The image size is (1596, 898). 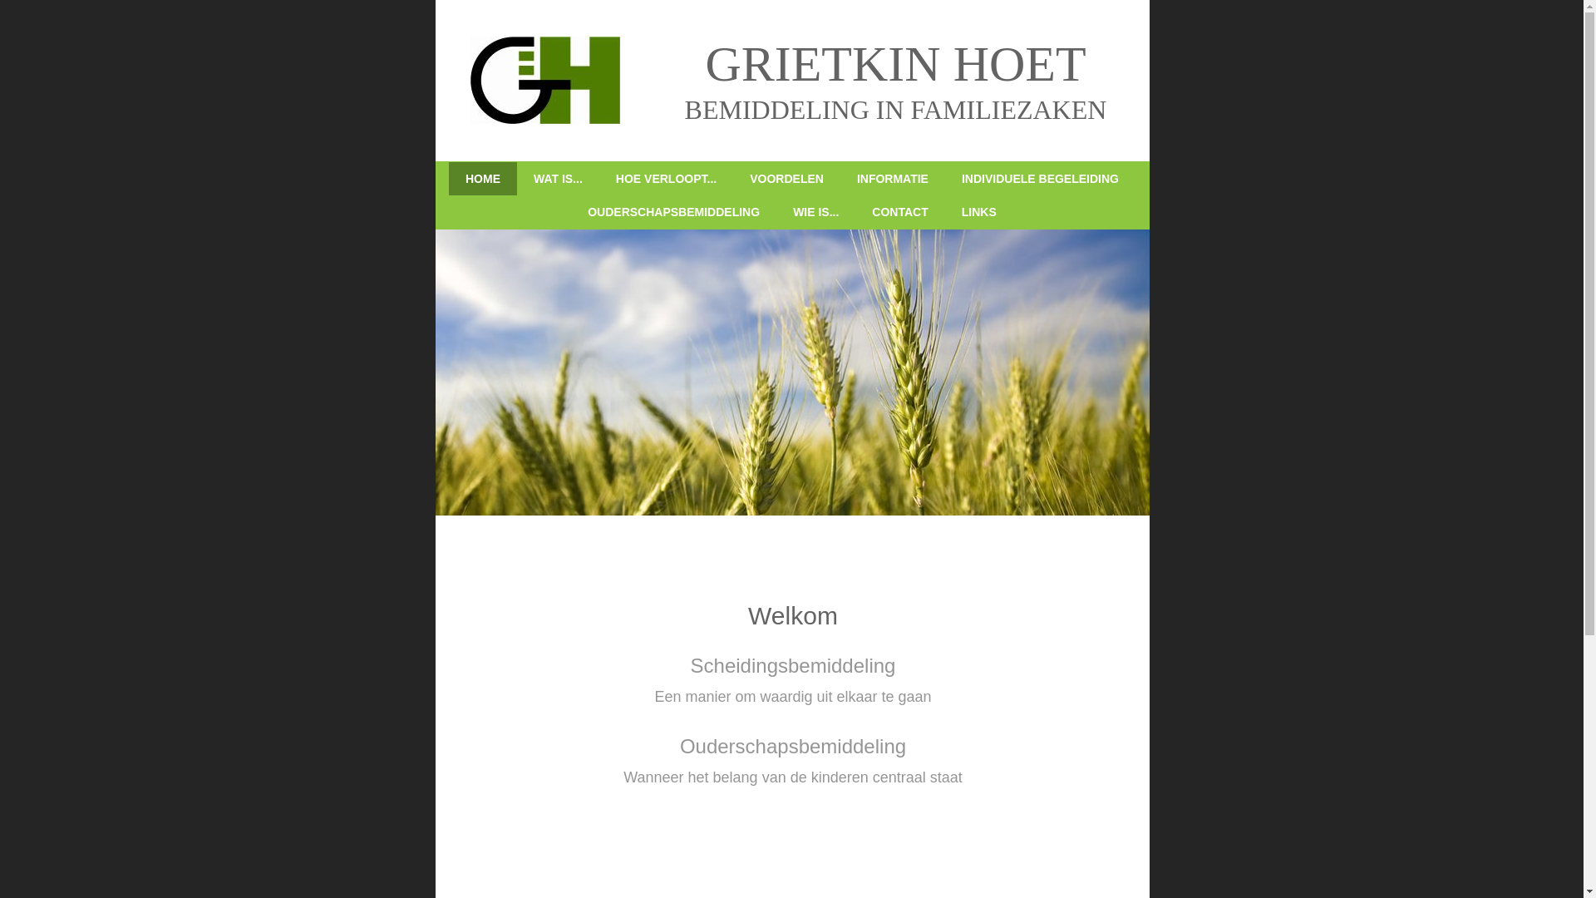 I want to click on 'INDIVIDUELE BEGELEIDING', so click(x=1039, y=179).